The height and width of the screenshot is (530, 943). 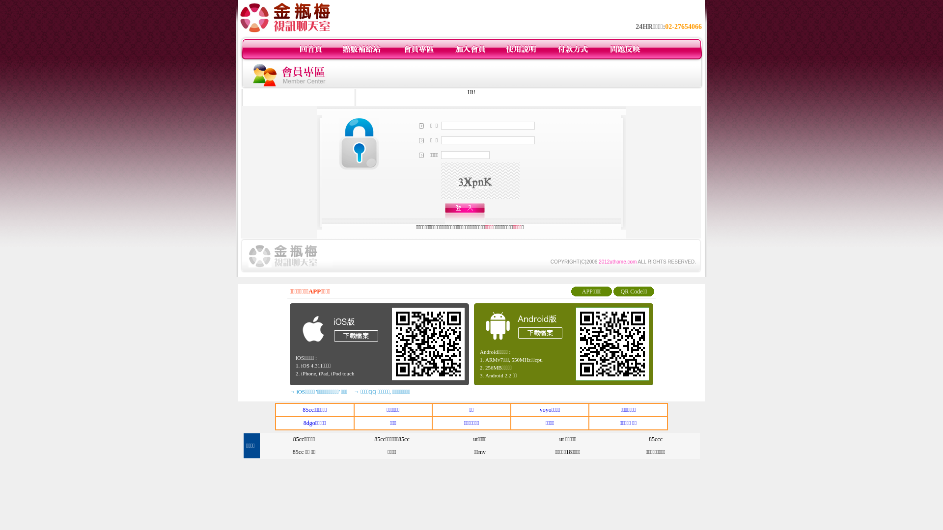 What do you see at coordinates (655, 438) in the screenshot?
I see `'85ccc'` at bounding box center [655, 438].